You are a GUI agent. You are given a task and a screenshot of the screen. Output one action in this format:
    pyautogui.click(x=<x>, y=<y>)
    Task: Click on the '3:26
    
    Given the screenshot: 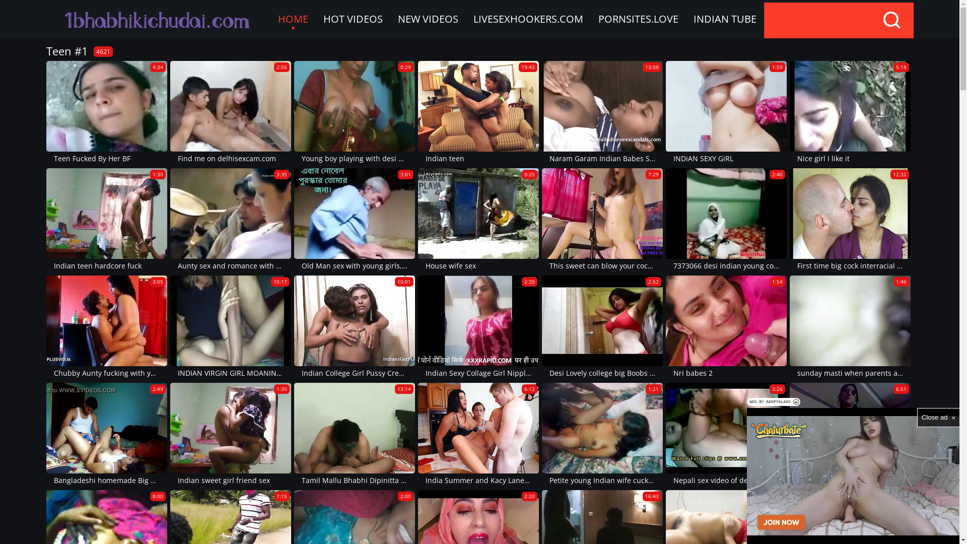 What is the action you would take?
    pyautogui.click(x=726, y=434)
    